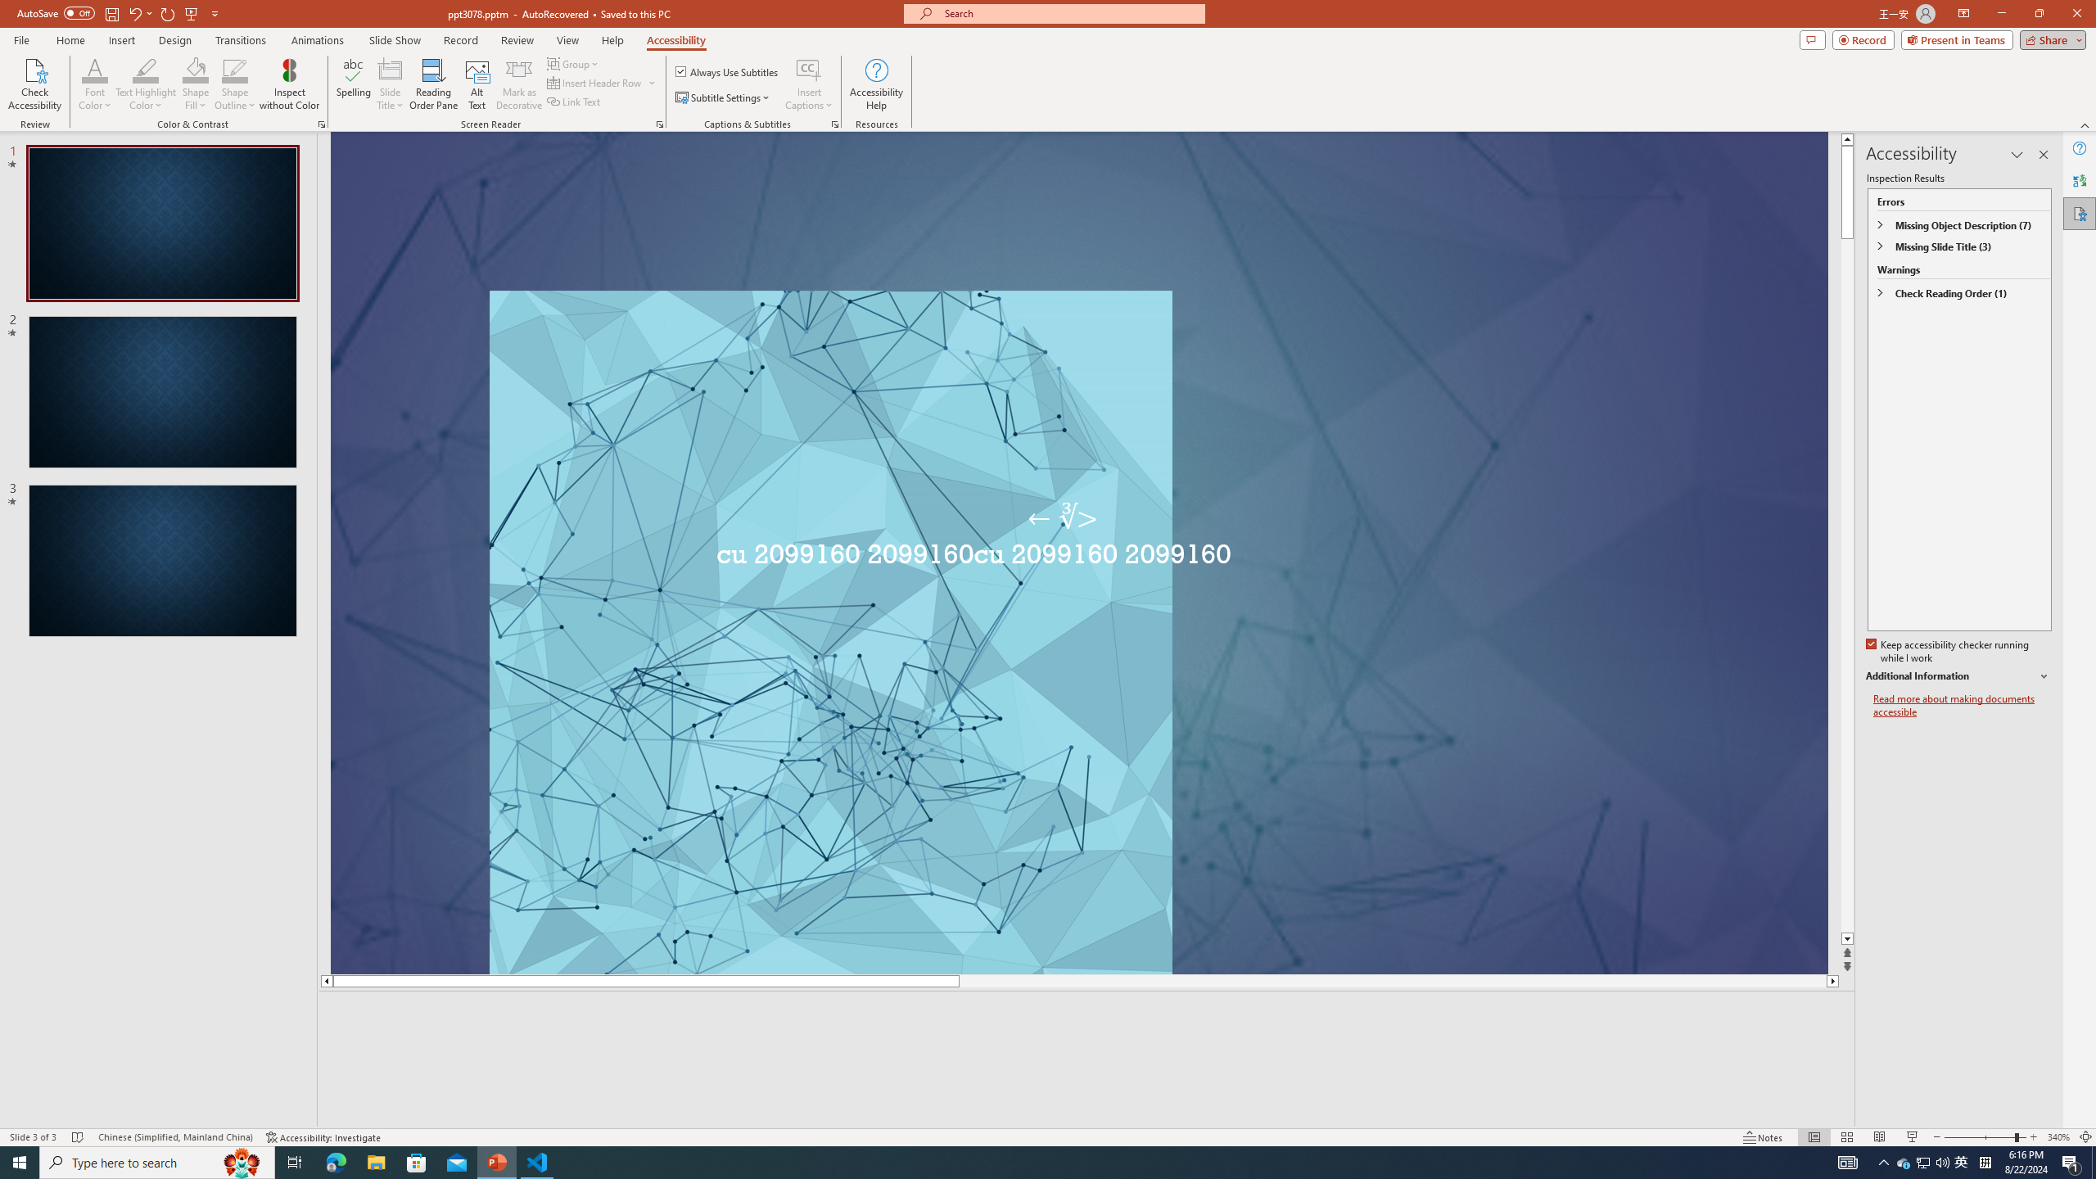 The height and width of the screenshot is (1179, 2096). I want to click on 'Additional Information', so click(1958, 676).